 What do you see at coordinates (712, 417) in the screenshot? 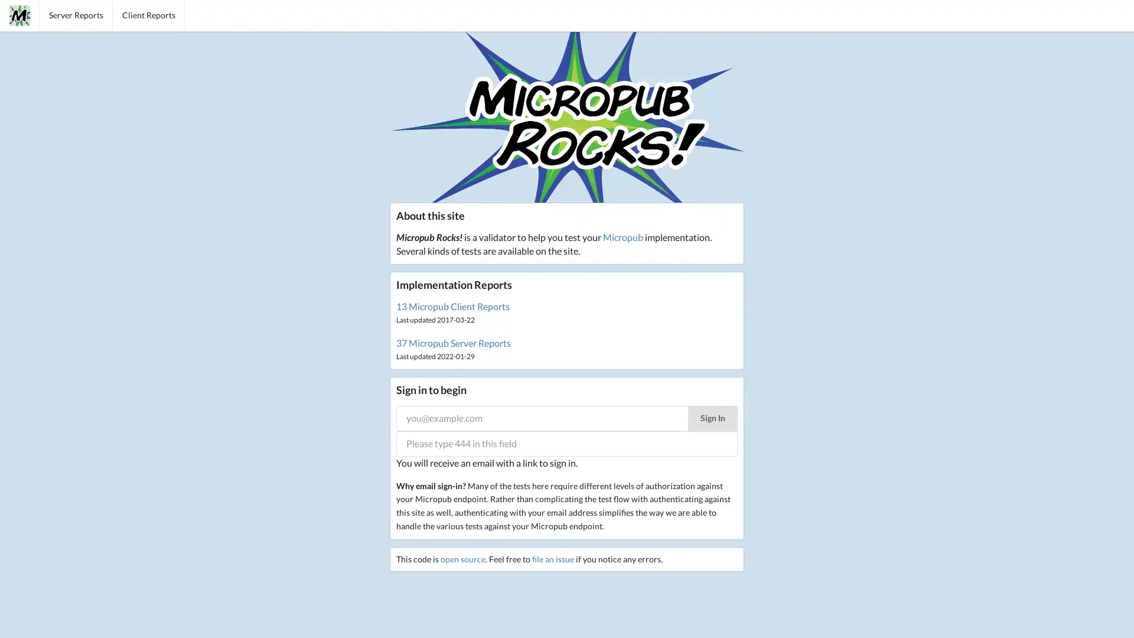
I see `Sign In` at bounding box center [712, 417].